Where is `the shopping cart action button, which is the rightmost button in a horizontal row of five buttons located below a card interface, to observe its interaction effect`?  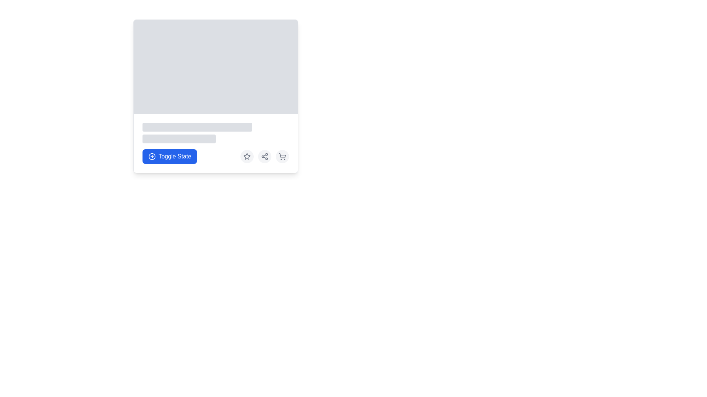 the shopping cart action button, which is the rightmost button in a horizontal row of five buttons located below a card interface, to observe its interaction effect is located at coordinates (282, 156).